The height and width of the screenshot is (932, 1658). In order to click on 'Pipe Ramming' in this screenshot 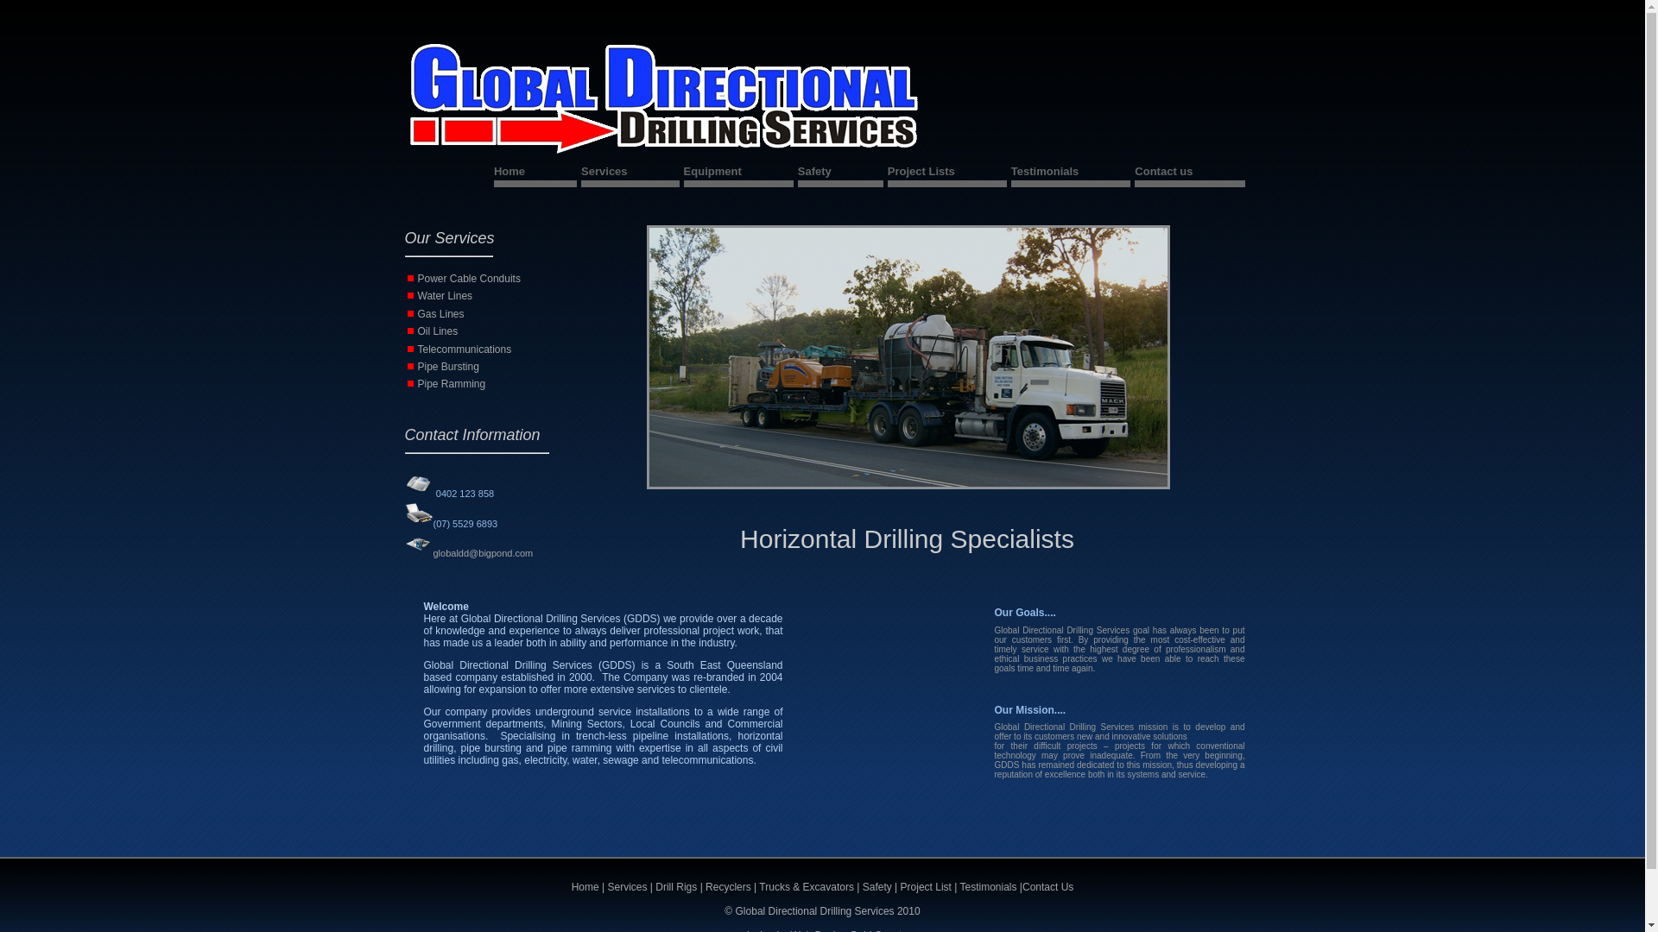, I will do `click(452, 382)`.